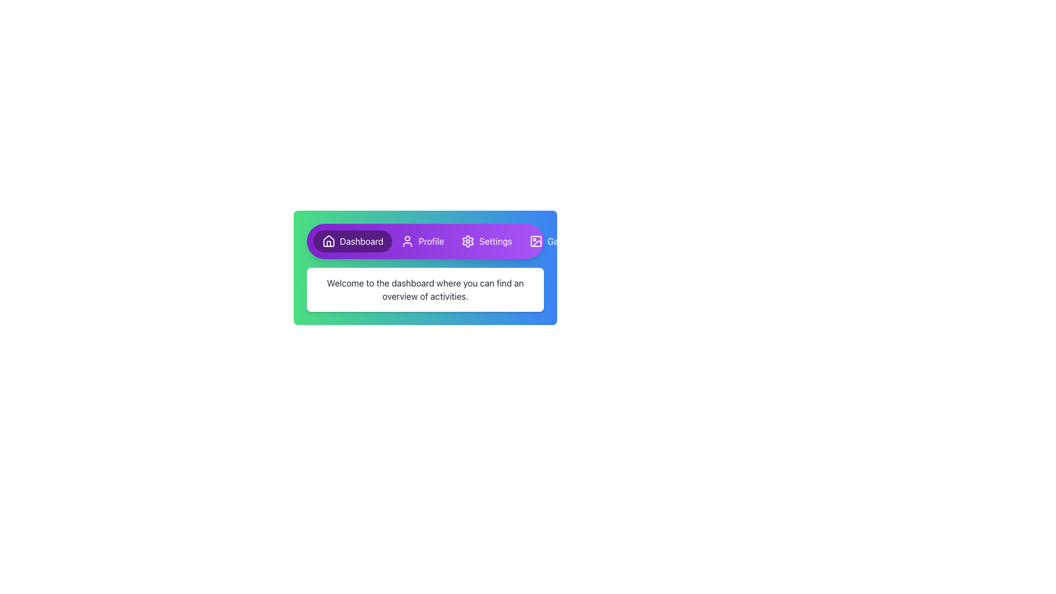  Describe the element at coordinates (486, 241) in the screenshot. I see `the purple 'Settings' button with a white gear icon located at the top-center of the UI to trigger the hover effect` at that location.